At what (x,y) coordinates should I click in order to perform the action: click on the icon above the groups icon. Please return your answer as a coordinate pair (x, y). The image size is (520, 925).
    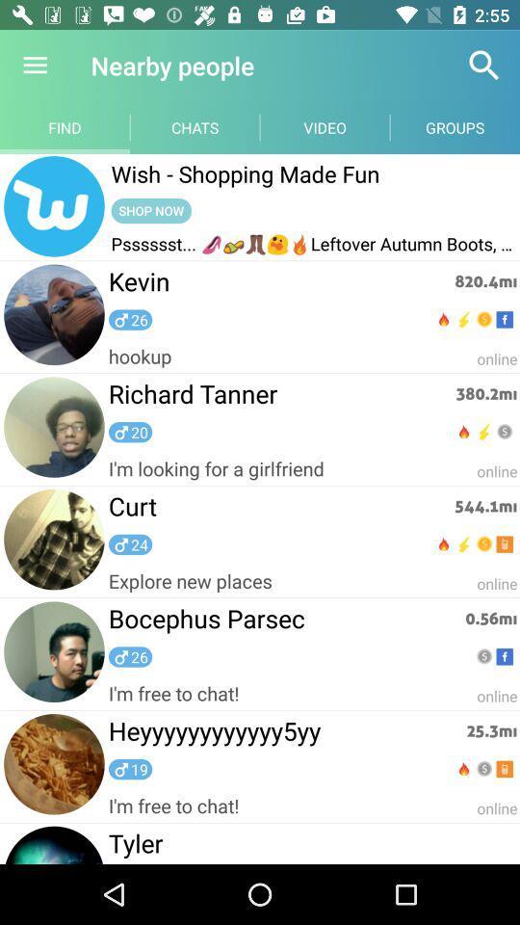
    Looking at the image, I should click on (483, 66).